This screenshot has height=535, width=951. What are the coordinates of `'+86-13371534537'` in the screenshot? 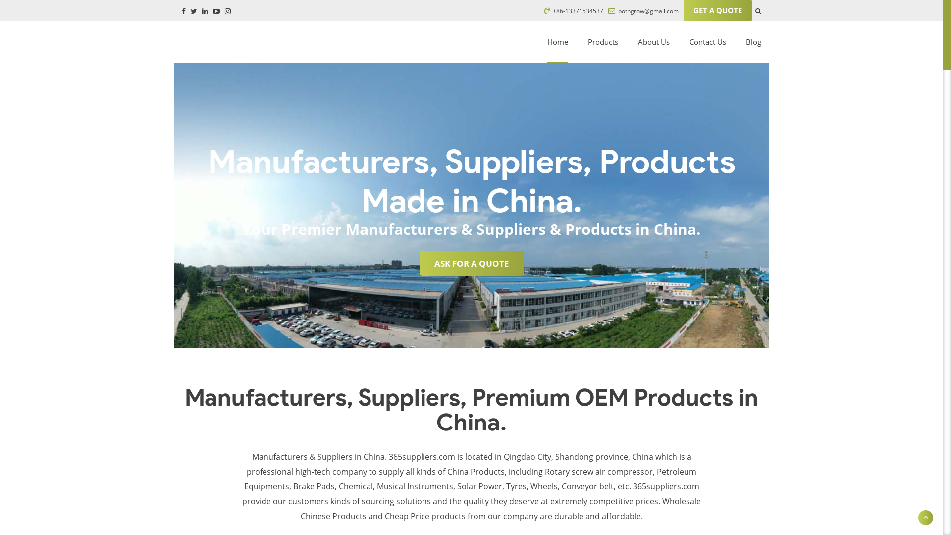 It's located at (544, 11).